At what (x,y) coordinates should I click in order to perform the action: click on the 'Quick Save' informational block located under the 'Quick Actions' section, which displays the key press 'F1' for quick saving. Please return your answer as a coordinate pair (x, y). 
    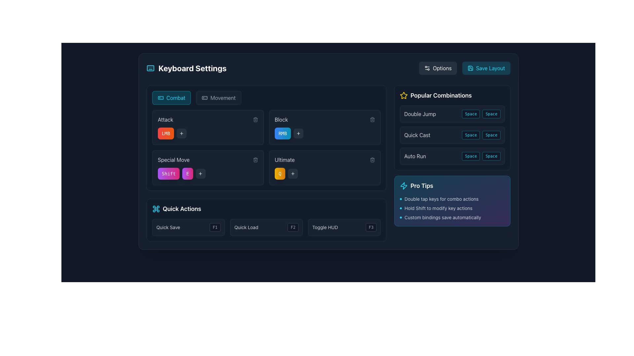
    Looking at the image, I should click on (188, 227).